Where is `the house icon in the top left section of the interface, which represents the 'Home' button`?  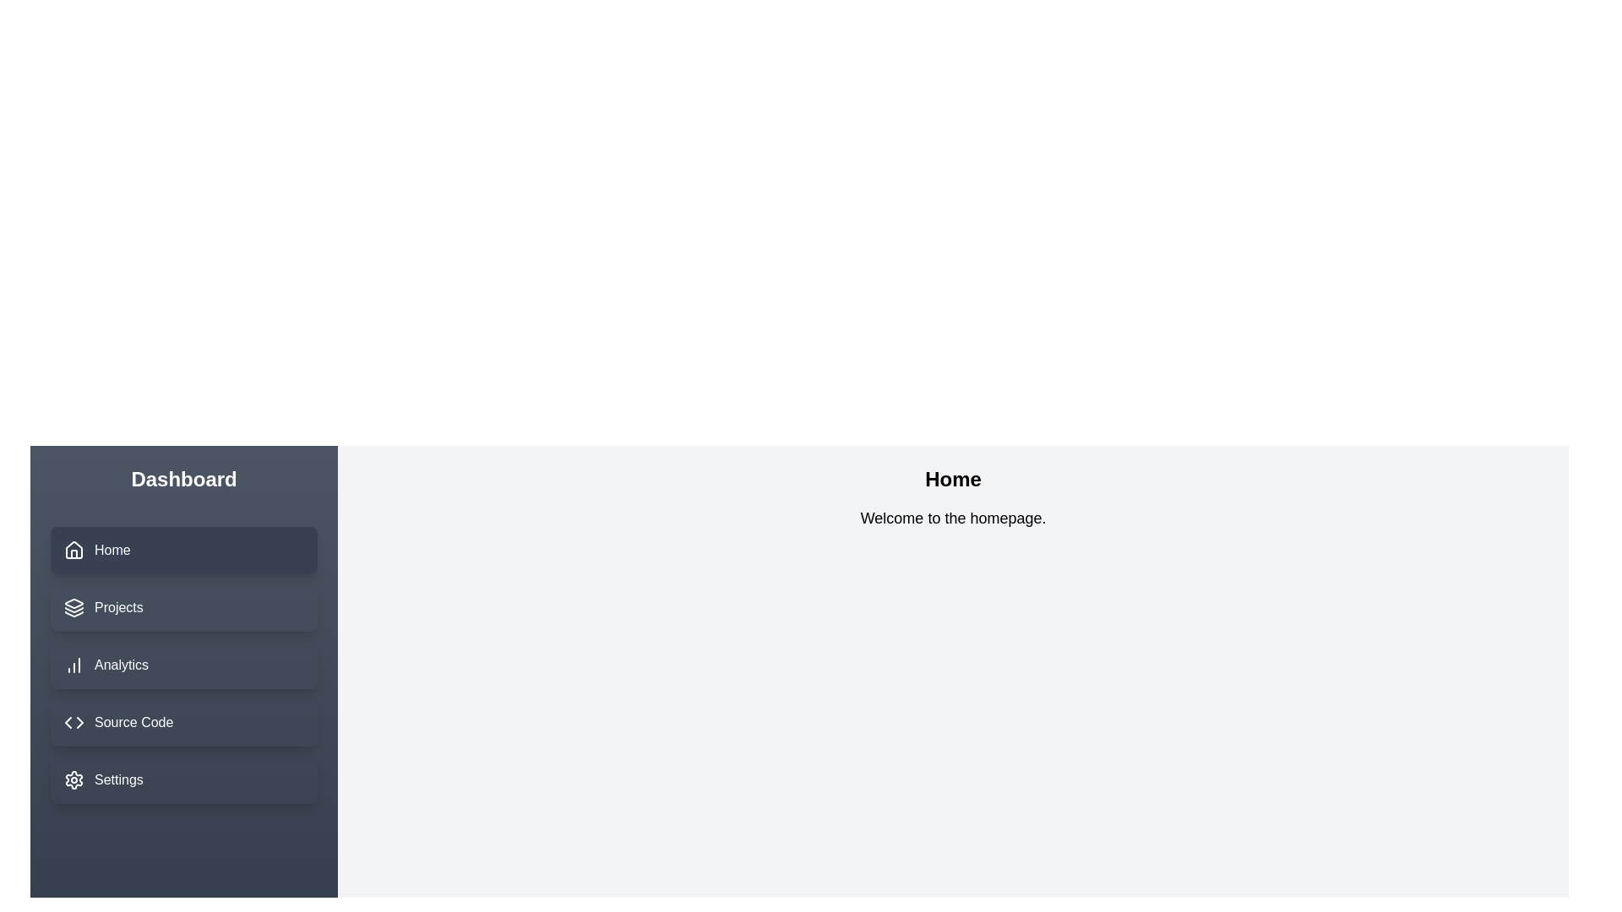 the house icon in the top left section of the interface, which represents the 'Home' button is located at coordinates (73, 550).